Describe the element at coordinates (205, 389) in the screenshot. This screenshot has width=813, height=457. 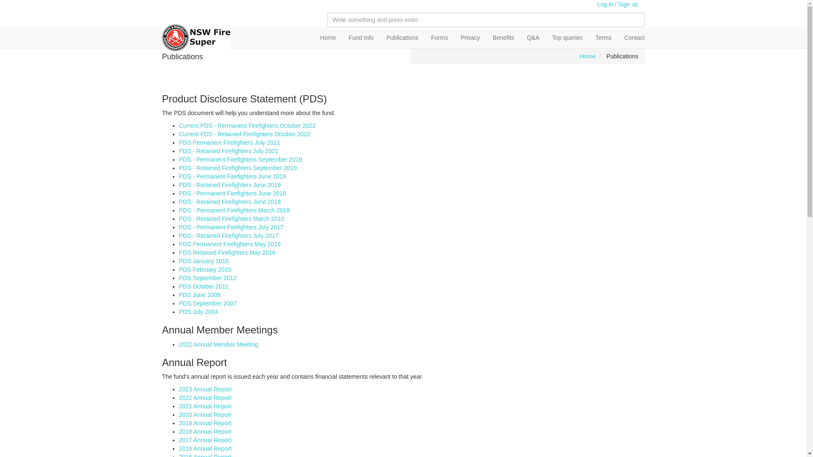
I see `'2023 Annual Report'` at that location.